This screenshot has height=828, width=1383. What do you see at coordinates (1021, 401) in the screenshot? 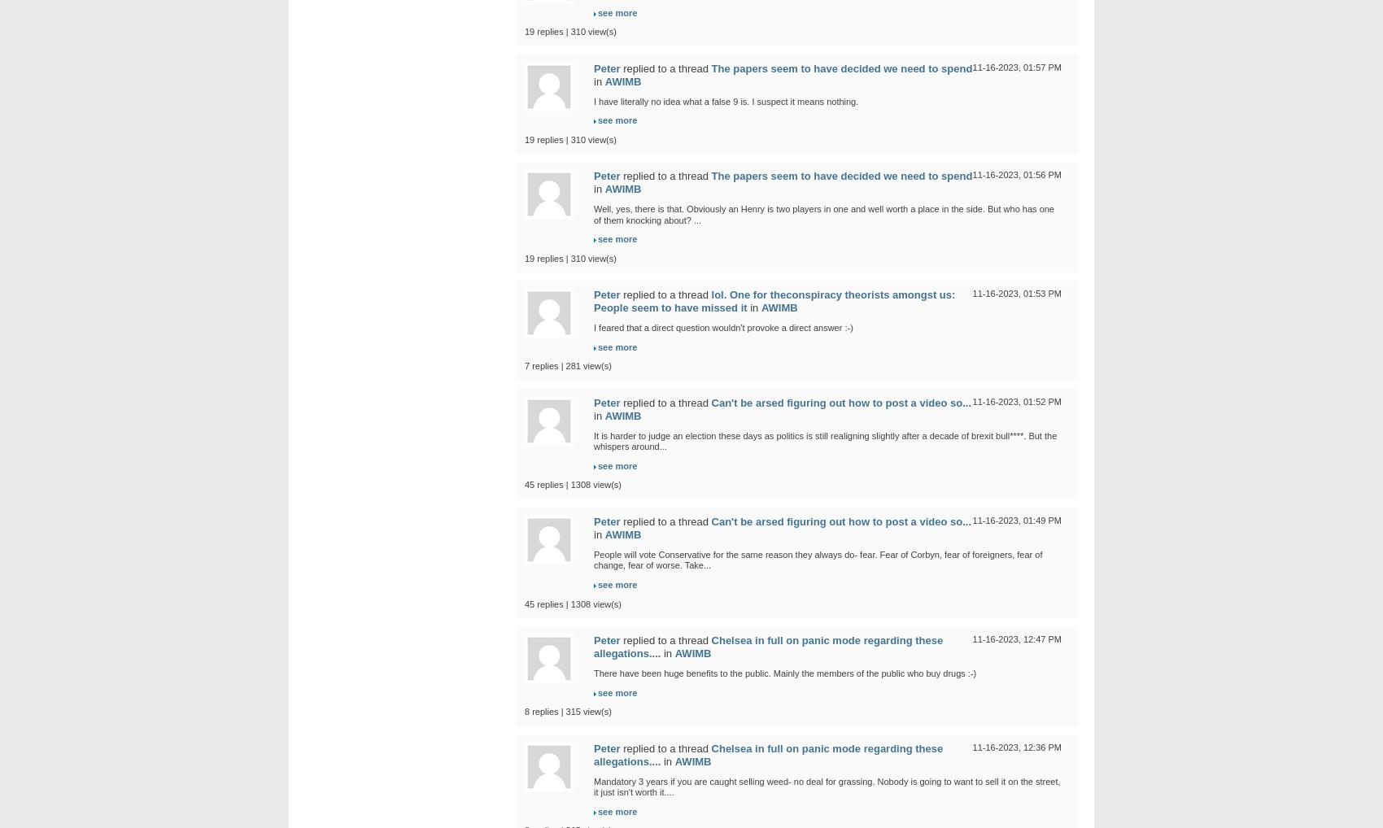
I see `'01:52 PM'` at bounding box center [1021, 401].